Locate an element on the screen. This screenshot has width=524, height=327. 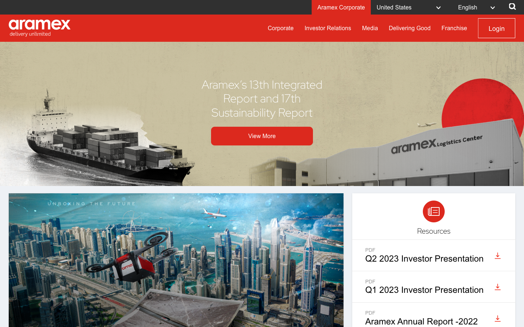
the page"s language to the second choice in the available list is located at coordinates (479, 7).